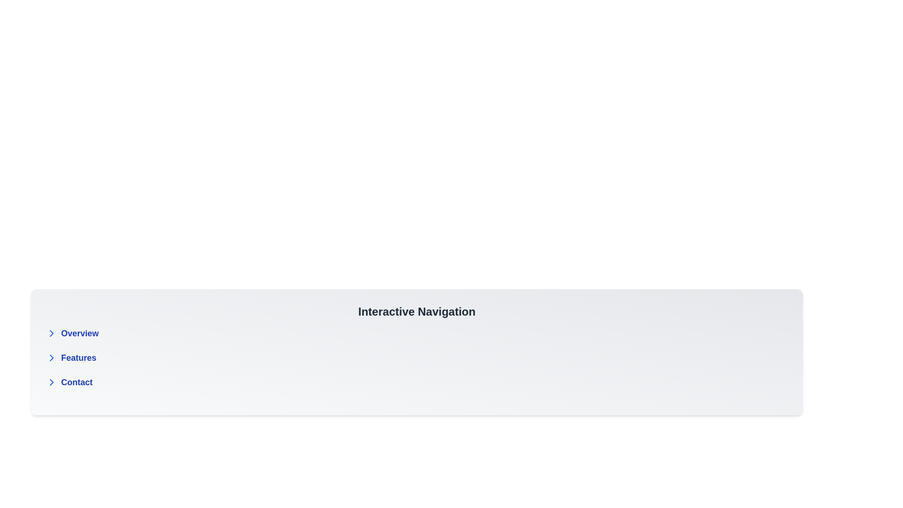 This screenshot has height=508, width=903. Describe the element at coordinates (51, 357) in the screenshot. I see `the blue right-pointing chevron icon located to the left of the 'Features' text` at that location.